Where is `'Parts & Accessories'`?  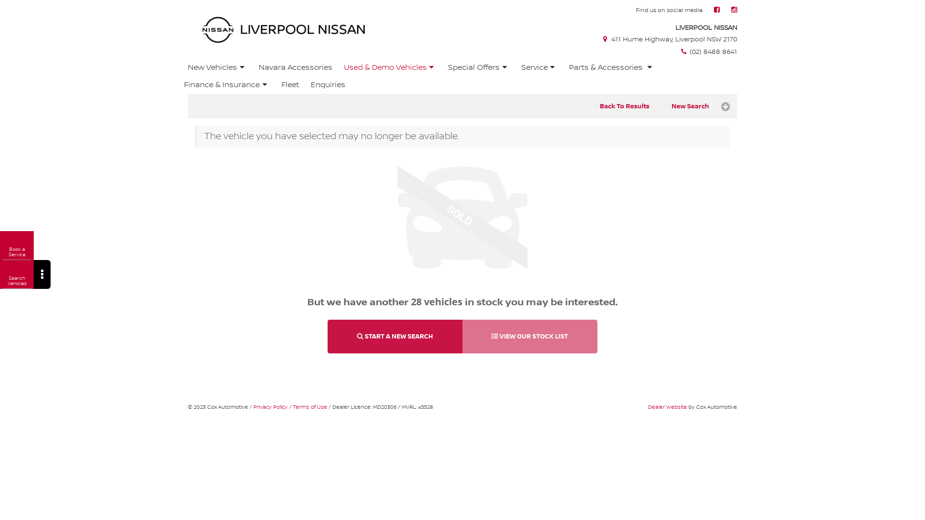 'Parts & Accessories' is located at coordinates (611, 67).